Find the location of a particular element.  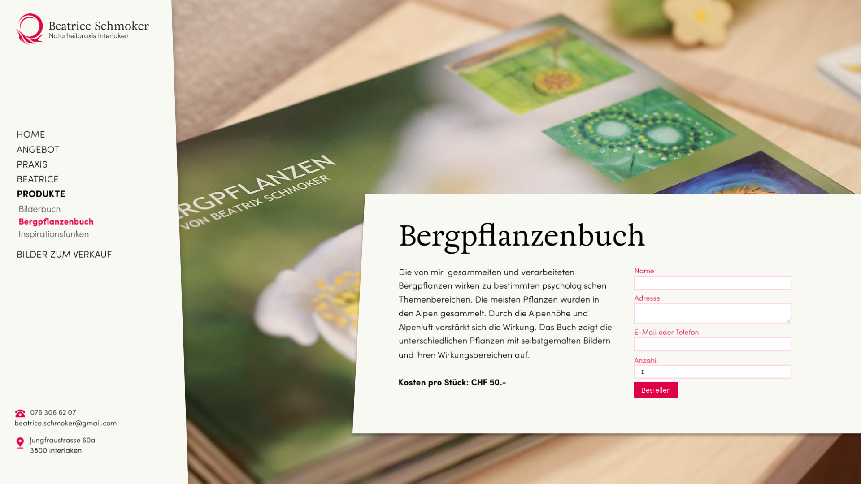

'Bilderbuch' is located at coordinates (39, 208).